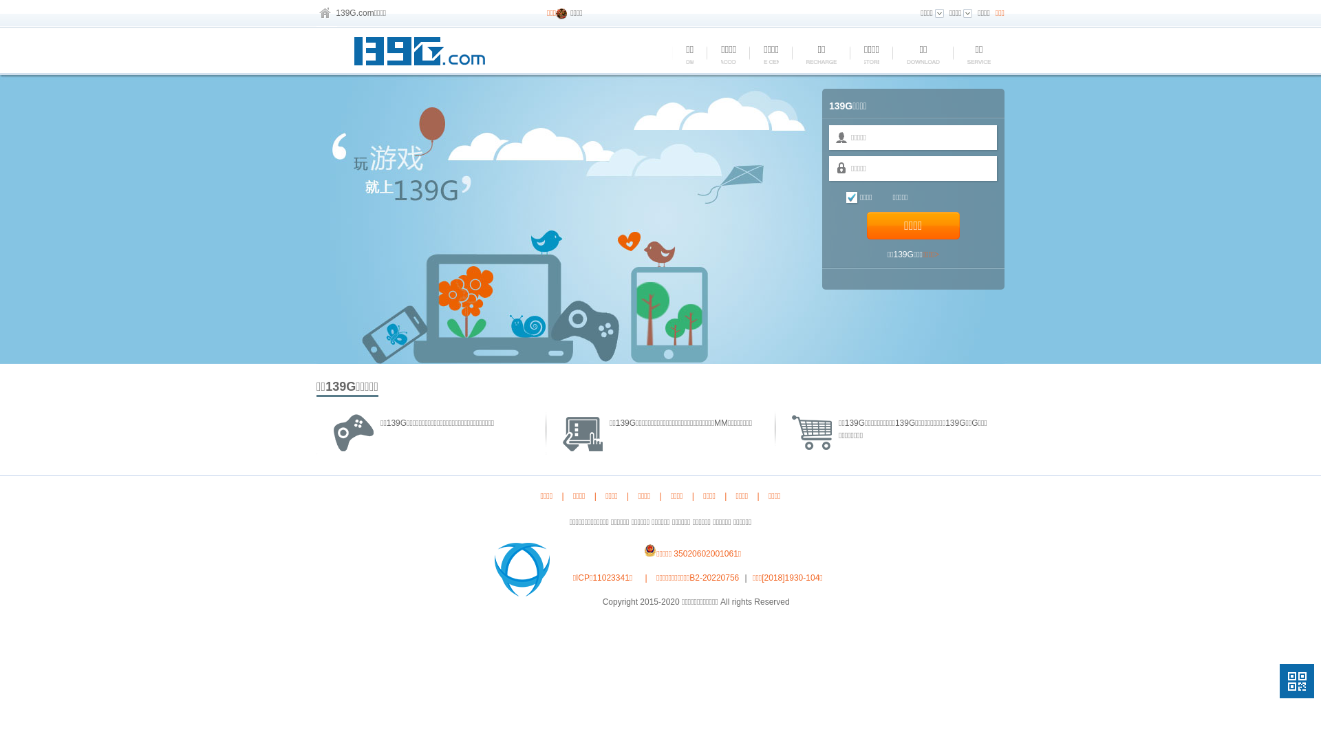  Describe the element at coordinates (354, 13) in the screenshot. I see `'139G.com'` at that location.